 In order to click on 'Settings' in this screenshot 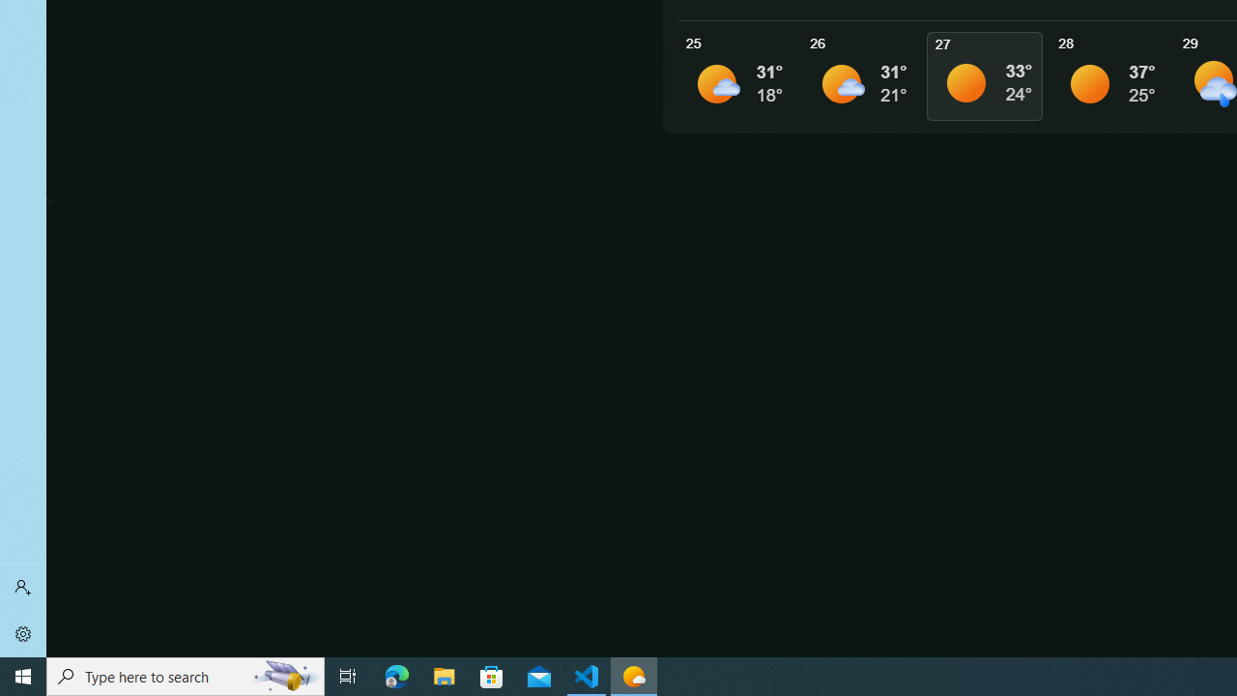, I will do `click(23, 633)`.